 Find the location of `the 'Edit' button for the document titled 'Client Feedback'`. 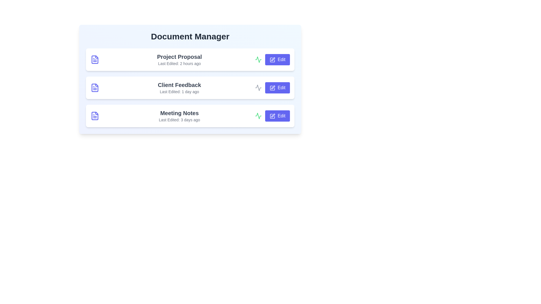

the 'Edit' button for the document titled 'Client Feedback' is located at coordinates (277, 88).